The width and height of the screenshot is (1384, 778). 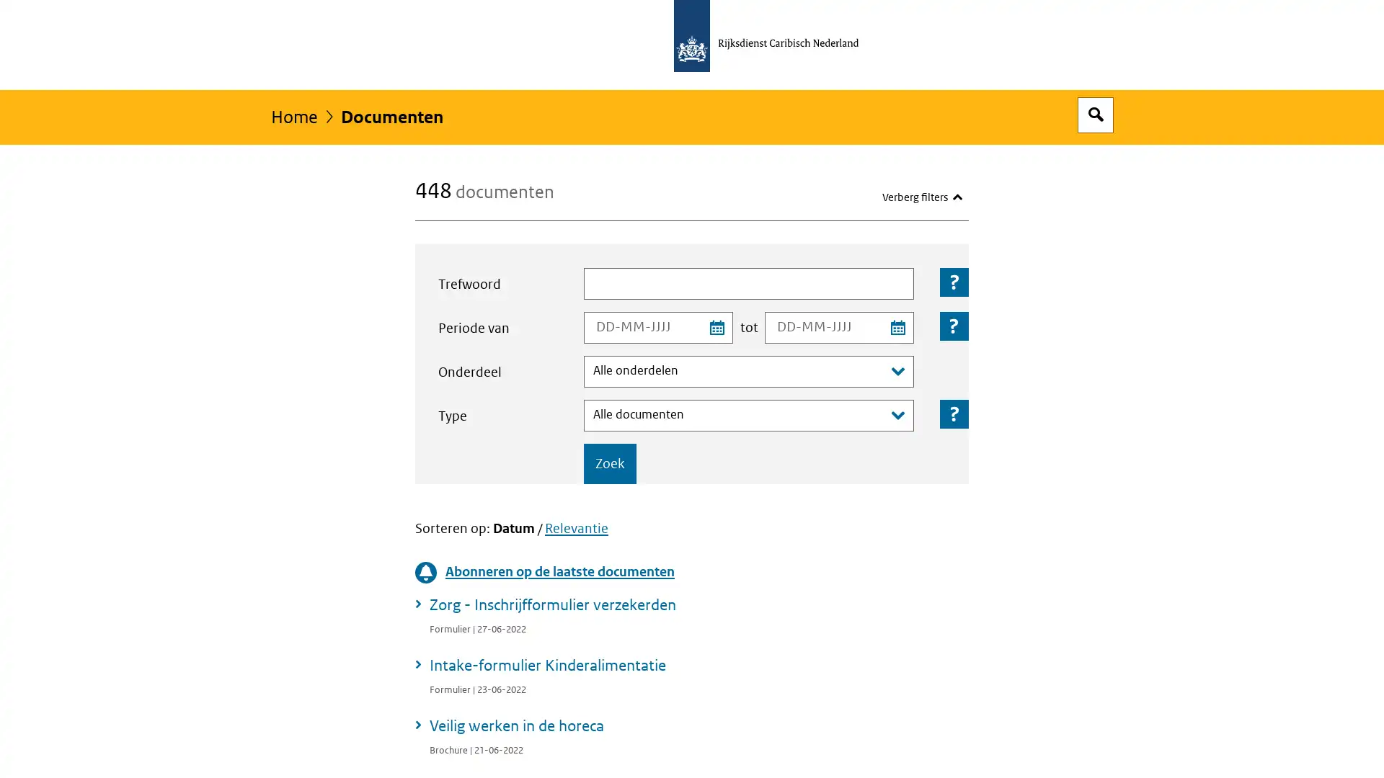 What do you see at coordinates (954, 413) in the screenshot?
I see `Toelichting bij het veld: Type` at bounding box center [954, 413].